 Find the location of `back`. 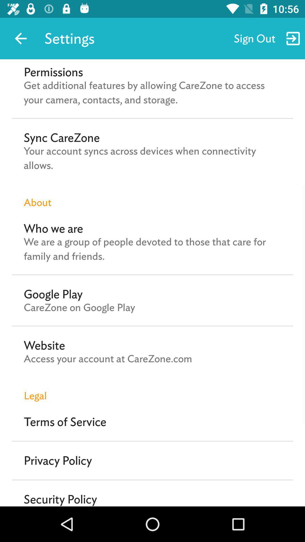

back is located at coordinates (20, 38).